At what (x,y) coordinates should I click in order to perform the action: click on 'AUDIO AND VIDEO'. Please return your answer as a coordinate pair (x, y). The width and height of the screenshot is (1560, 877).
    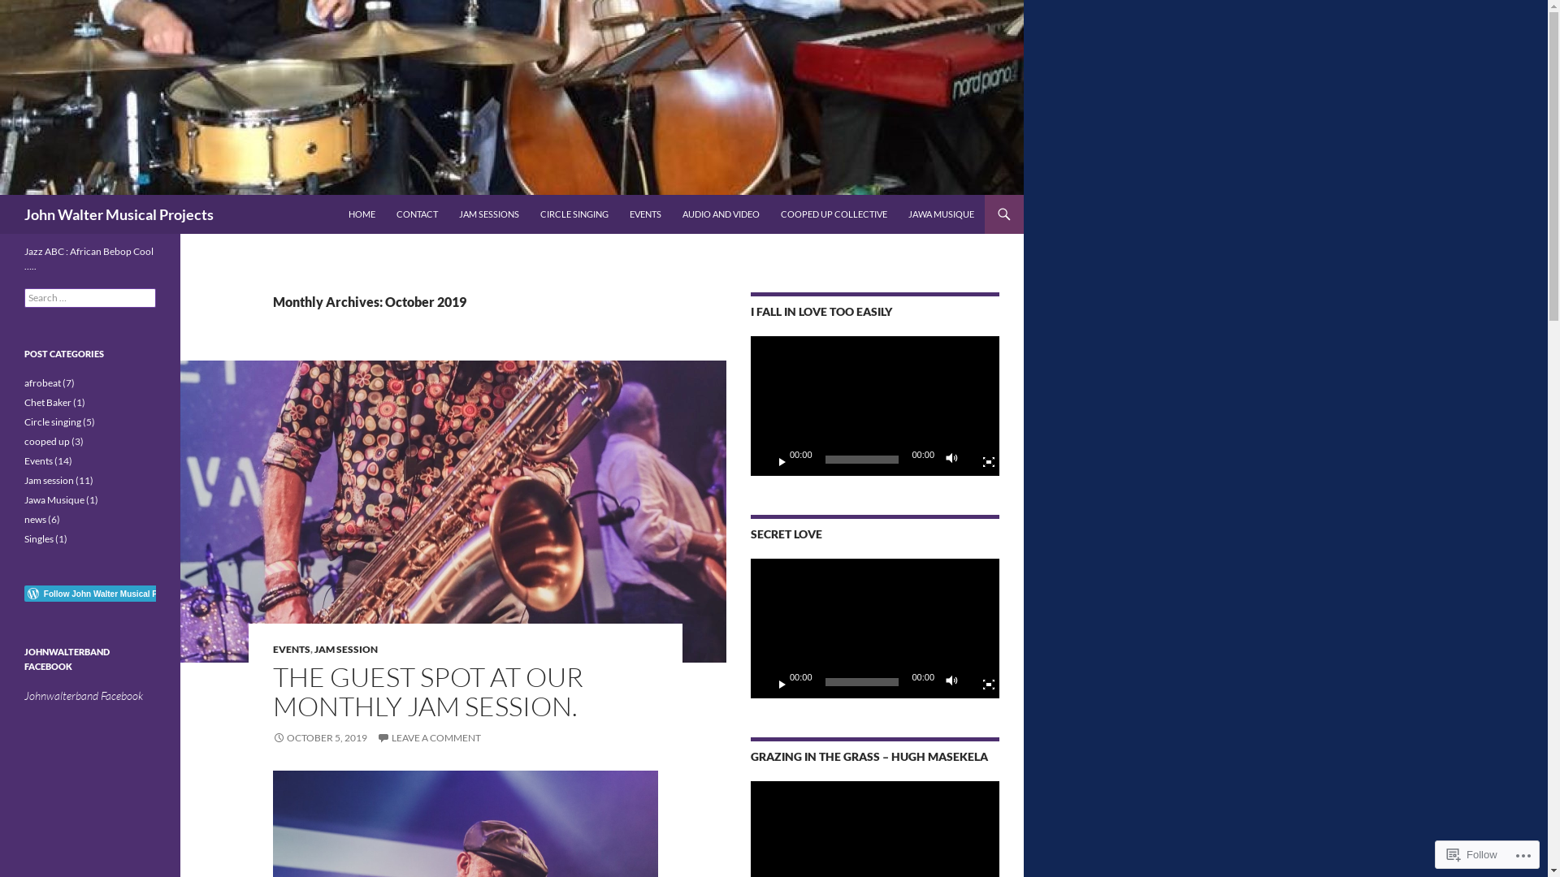
    Looking at the image, I should click on (720, 213).